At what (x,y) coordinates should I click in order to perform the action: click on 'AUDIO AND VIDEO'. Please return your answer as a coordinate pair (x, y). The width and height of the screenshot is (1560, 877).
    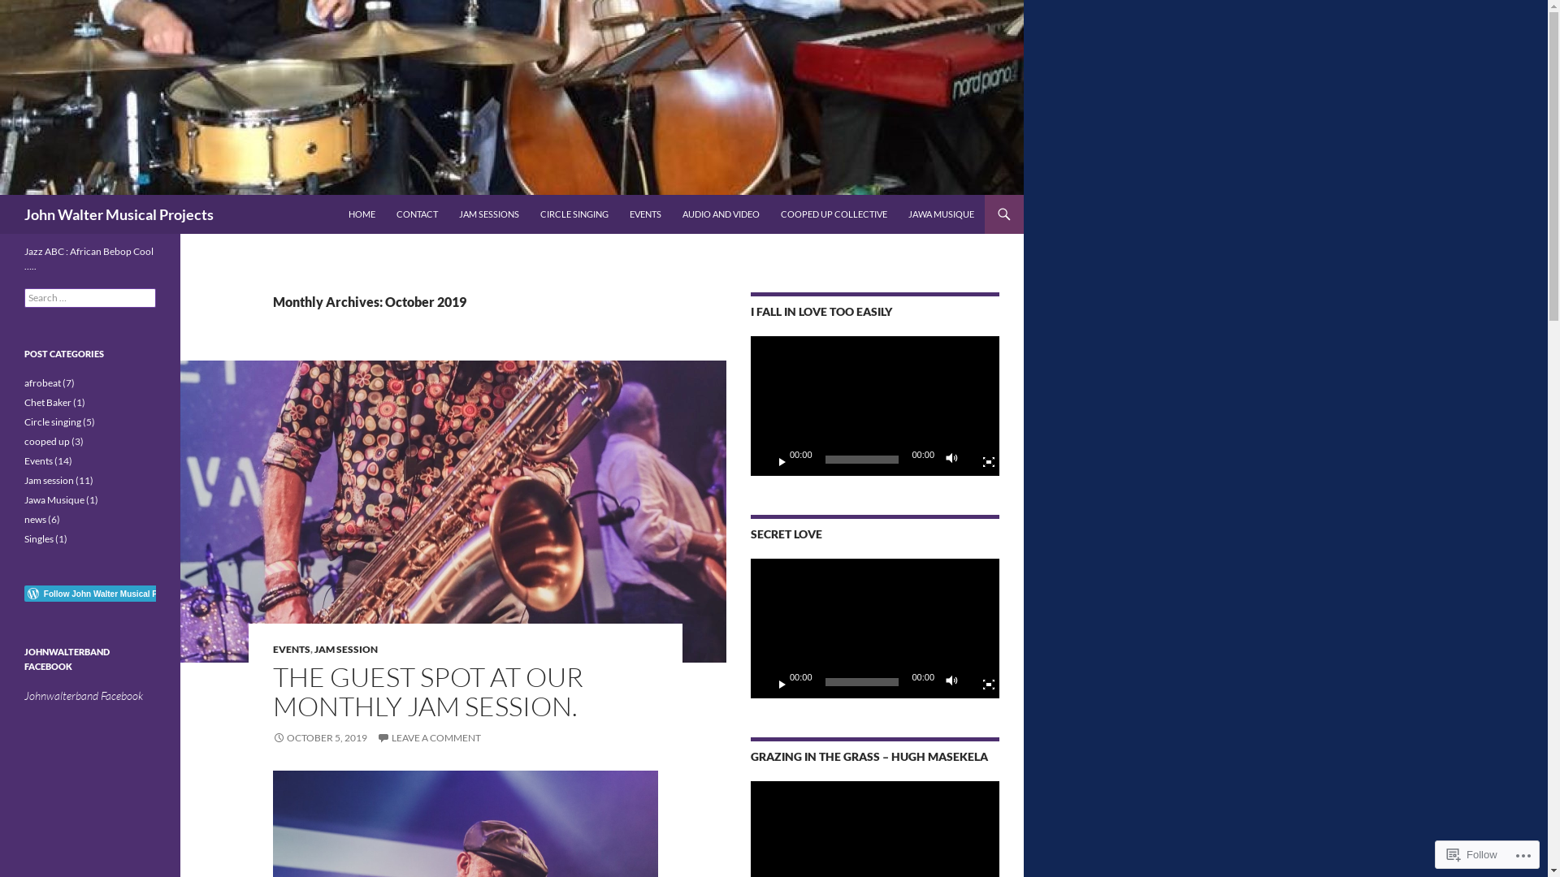
    Looking at the image, I should click on (720, 213).